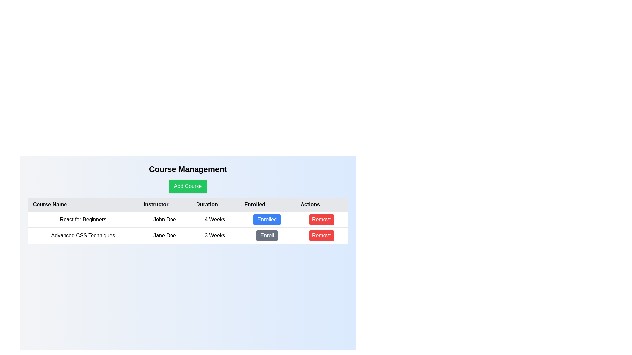  What do you see at coordinates (215, 219) in the screenshot?
I see `the Text Label displaying '4 Weeks' in the Duration column of the course table` at bounding box center [215, 219].